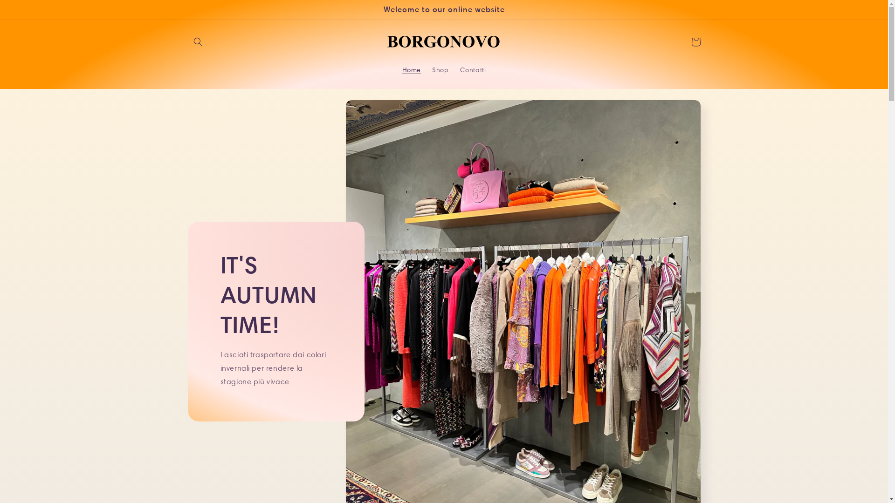 Image resolution: width=895 pixels, height=503 pixels. Describe the element at coordinates (411, 69) in the screenshot. I see `'Home'` at that location.